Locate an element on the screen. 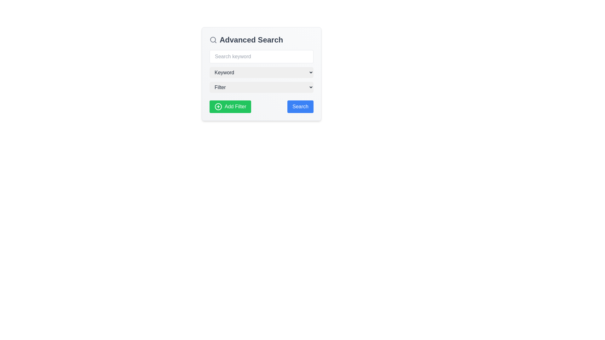 The height and width of the screenshot is (340, 605). the circular element that forms the main body of the search icon within the 'Advanced Search' card at the top-left corner is located at coordinates (213, 40).